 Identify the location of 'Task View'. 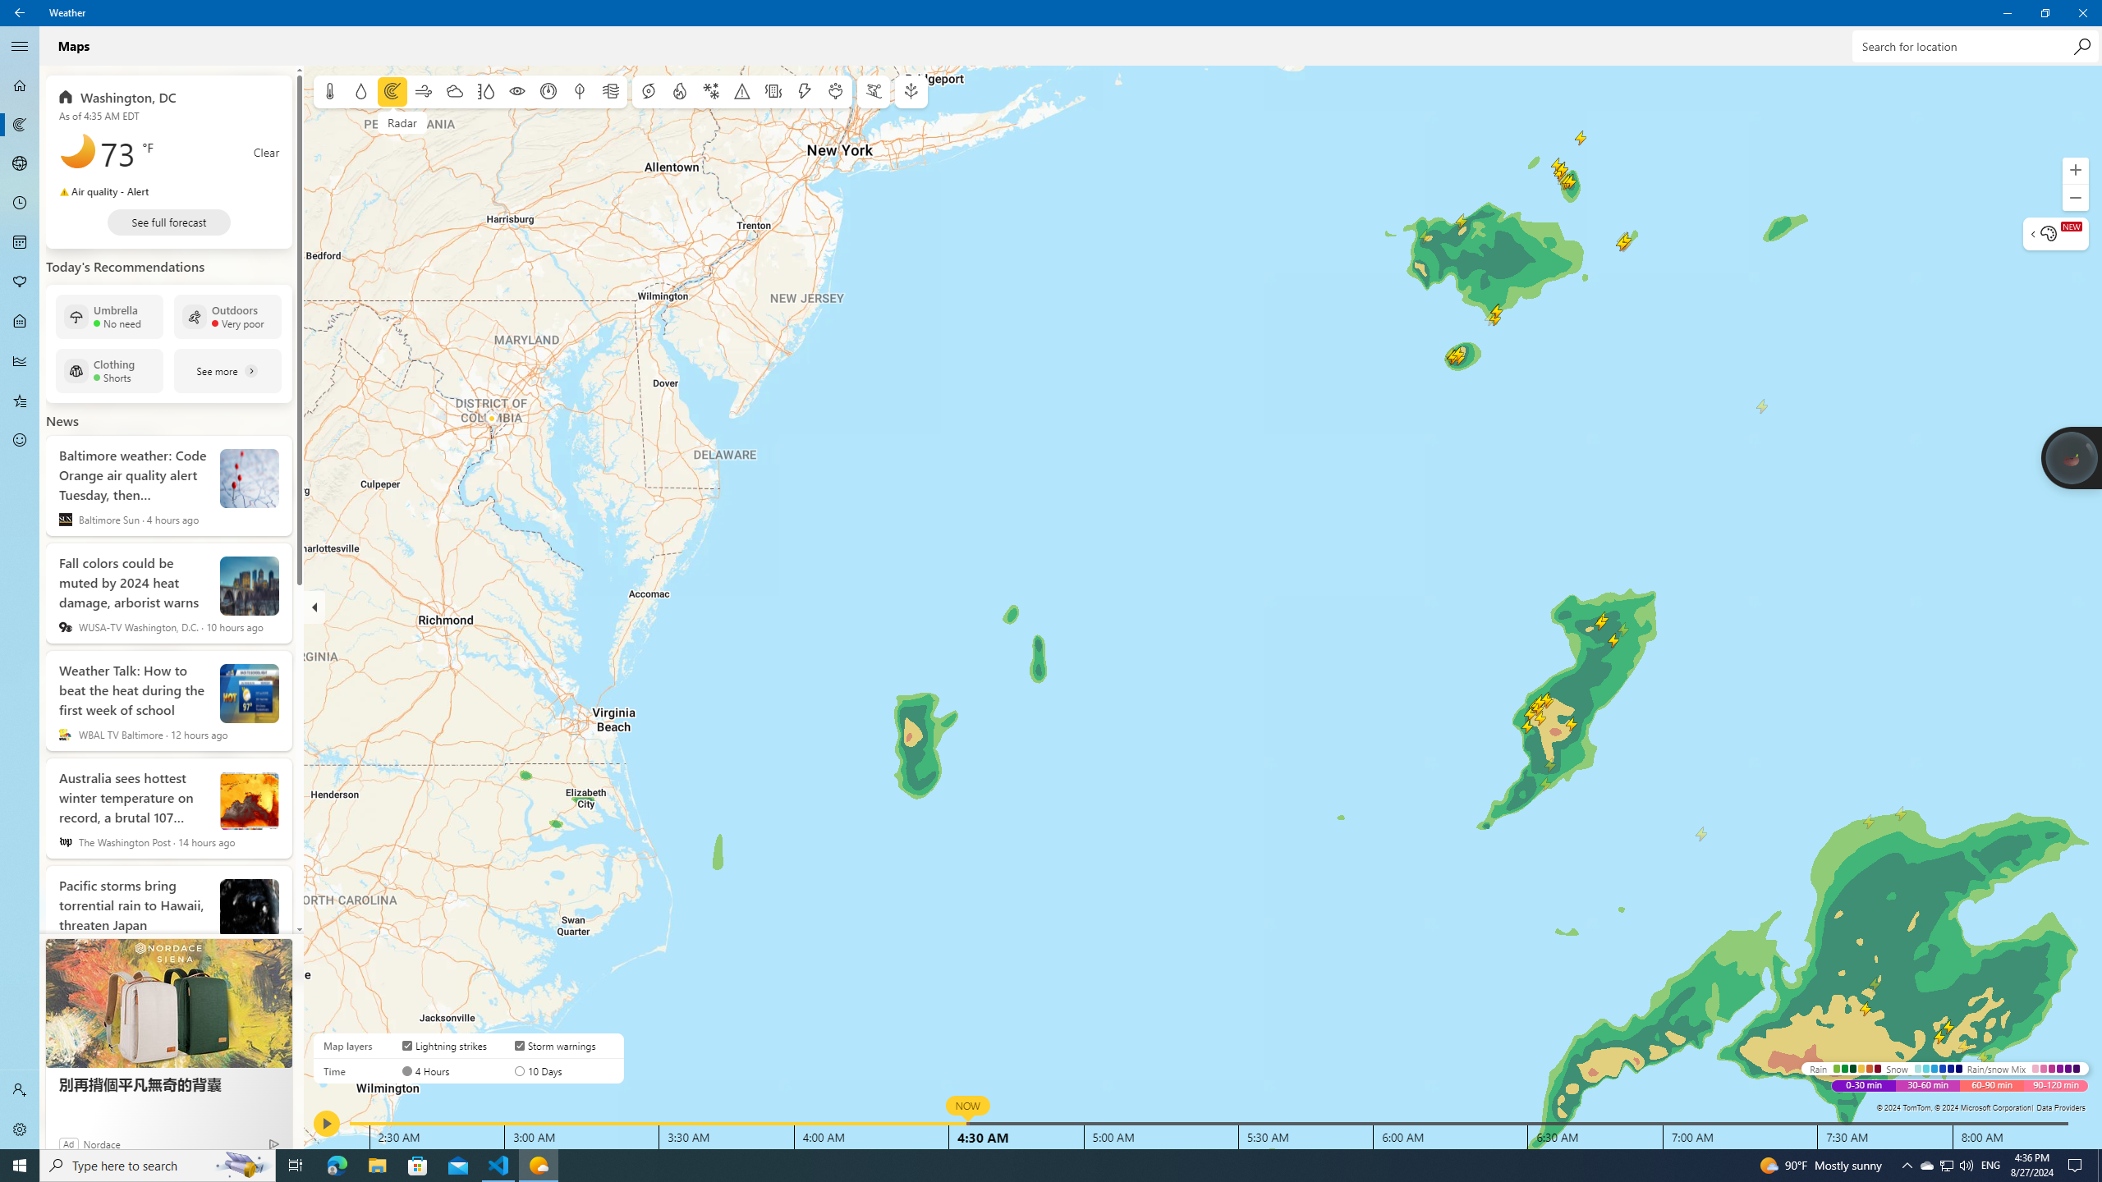
(294, 1164).